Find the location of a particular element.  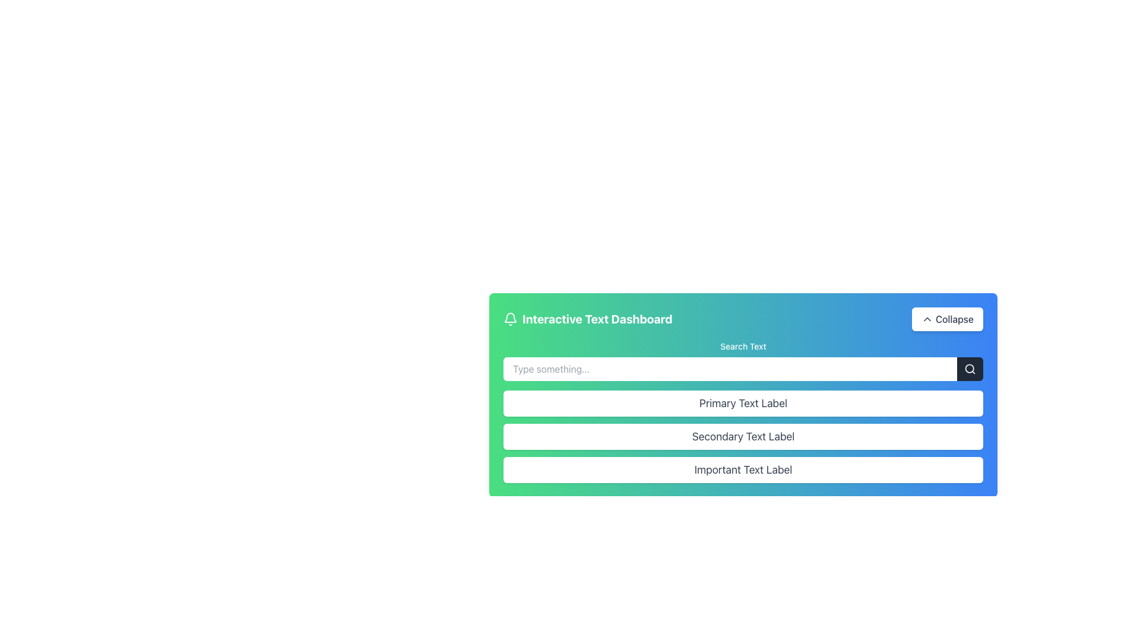

the chevron-up icon within the 'Collapse' button is located at coordinates (926, 318).